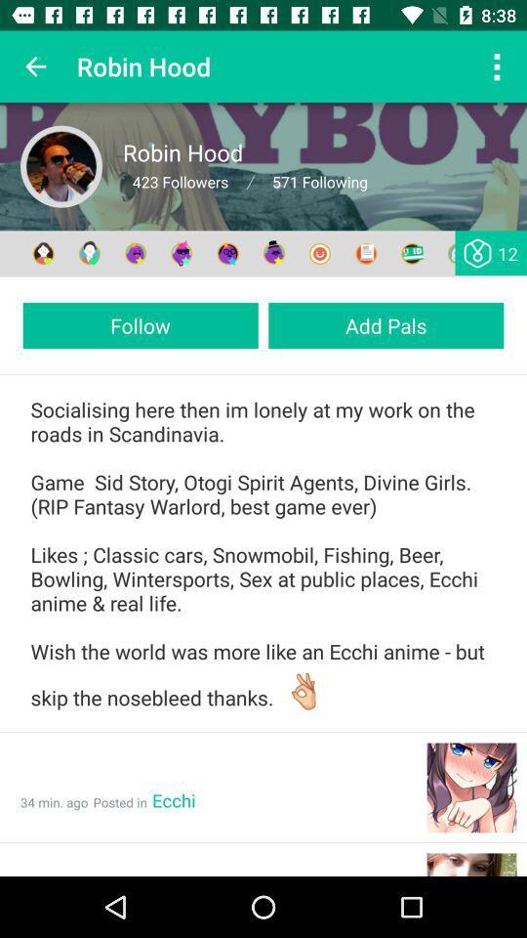  What do you see at coordinates (385, 325) in the screenshot?
I see `icon next to the follow item` at bounding box center [385, 325].